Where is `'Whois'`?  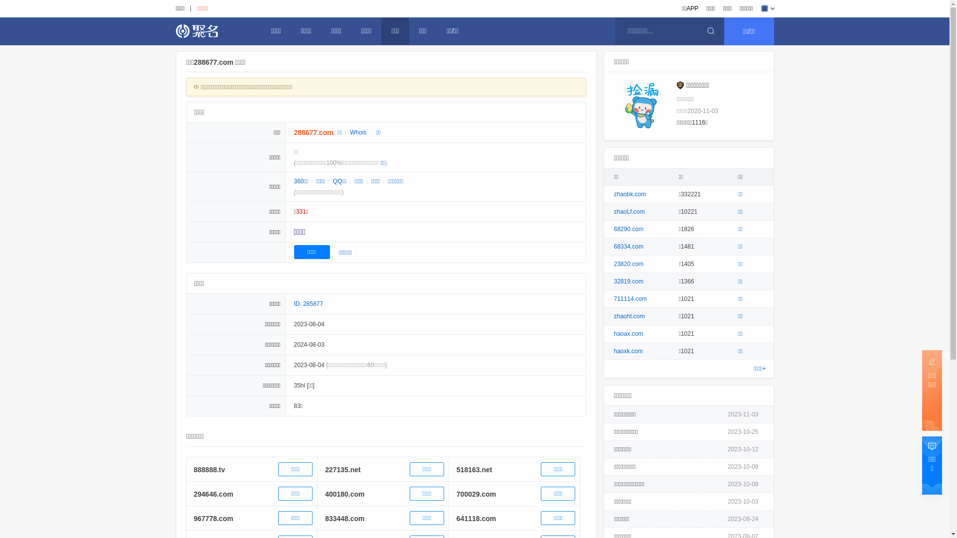
'Whois' is located at coordinates (358, 132).